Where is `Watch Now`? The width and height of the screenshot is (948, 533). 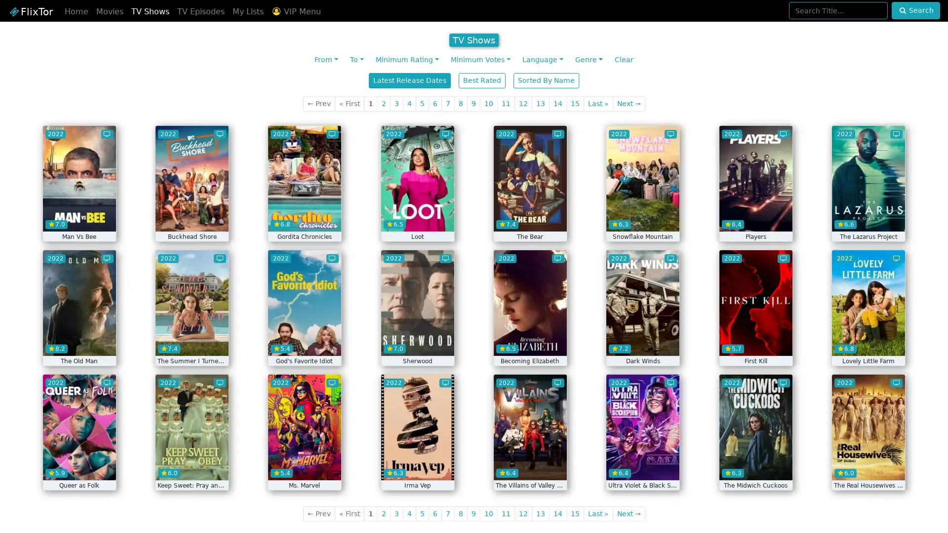 Watch Now is located at coordinates (304, 466).